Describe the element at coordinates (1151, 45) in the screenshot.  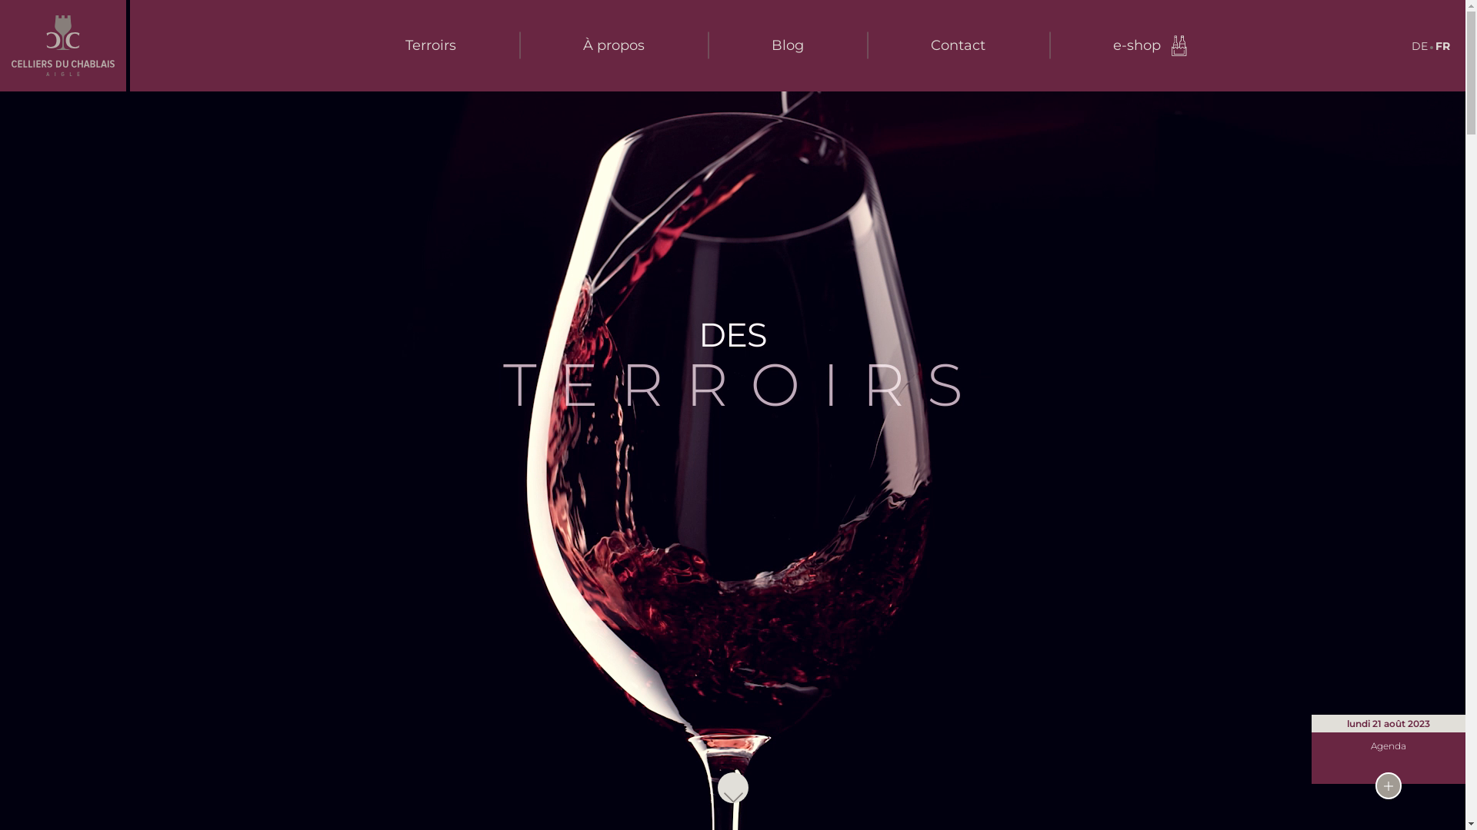
I see `'e-shop'` at that location.